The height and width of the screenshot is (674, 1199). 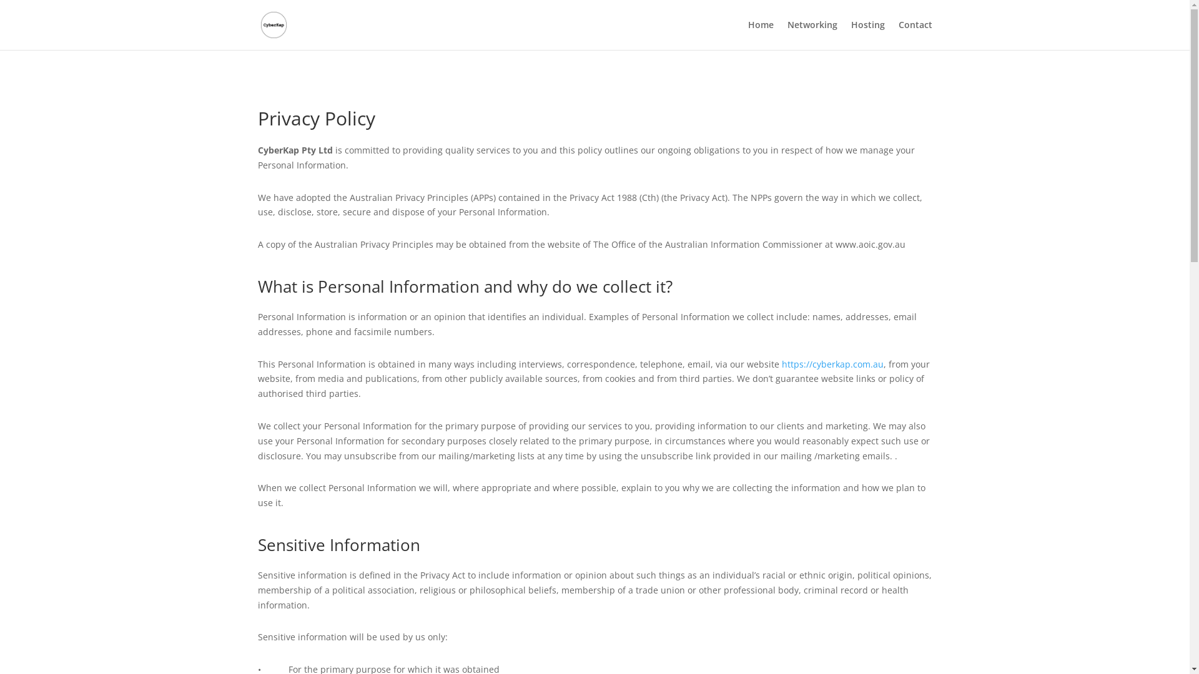 What do you see at coordinates (832, 364) in the screenshot?
I see `'https://cyberkap.com.au'` at bounding box center [832, 364].